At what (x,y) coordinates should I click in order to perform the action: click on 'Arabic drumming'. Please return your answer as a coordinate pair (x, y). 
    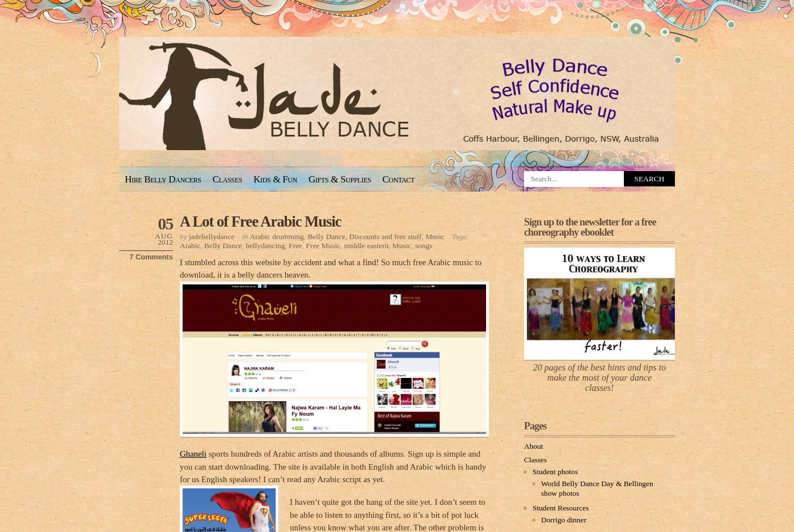
    Looking at the image, I should click on (276, 235).